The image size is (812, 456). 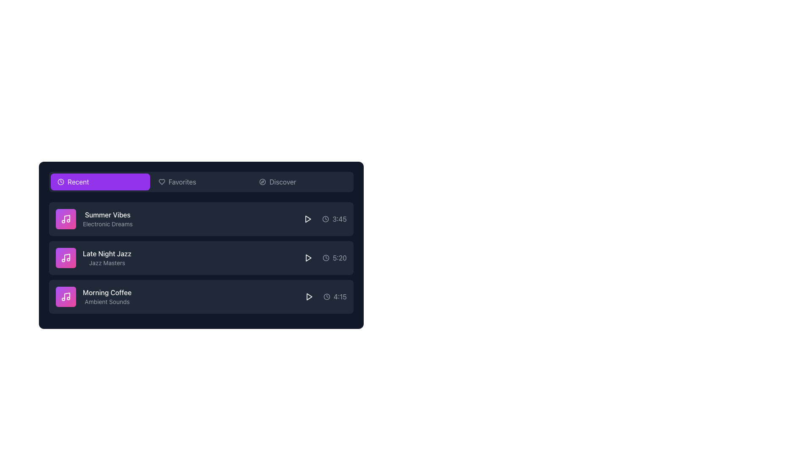 What do you see at coordinates (323, 257) in the screenshot?
I see `the play button adjacent to the '5:20' text label with a clock icon, located on the right side of the 'Late Night Jazz' row in the Recent category` at bounding box center [323, 257].